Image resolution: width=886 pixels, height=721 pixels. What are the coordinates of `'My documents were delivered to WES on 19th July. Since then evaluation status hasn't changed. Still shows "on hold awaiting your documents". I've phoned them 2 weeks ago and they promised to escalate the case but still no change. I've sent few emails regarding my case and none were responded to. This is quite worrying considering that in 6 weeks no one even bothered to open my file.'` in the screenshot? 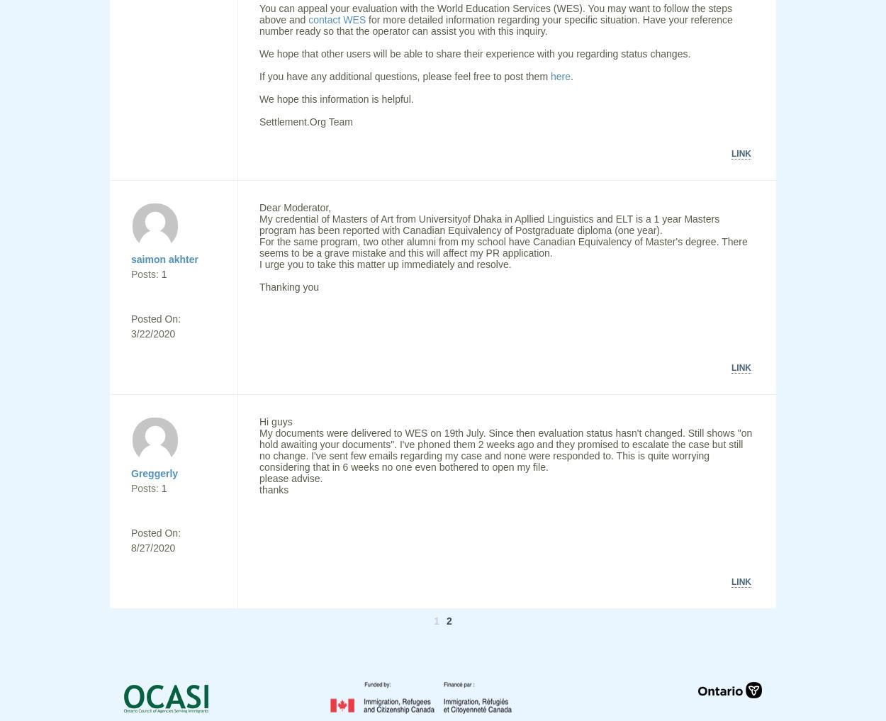 It's located at (259, 450).